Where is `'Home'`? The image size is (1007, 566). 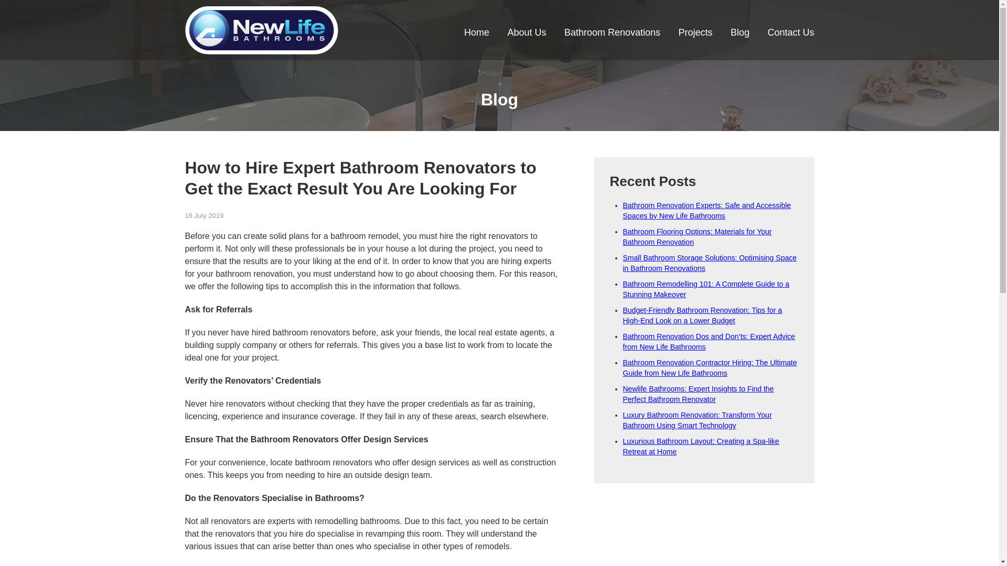
'Home' is located at coordinates (476, 34).